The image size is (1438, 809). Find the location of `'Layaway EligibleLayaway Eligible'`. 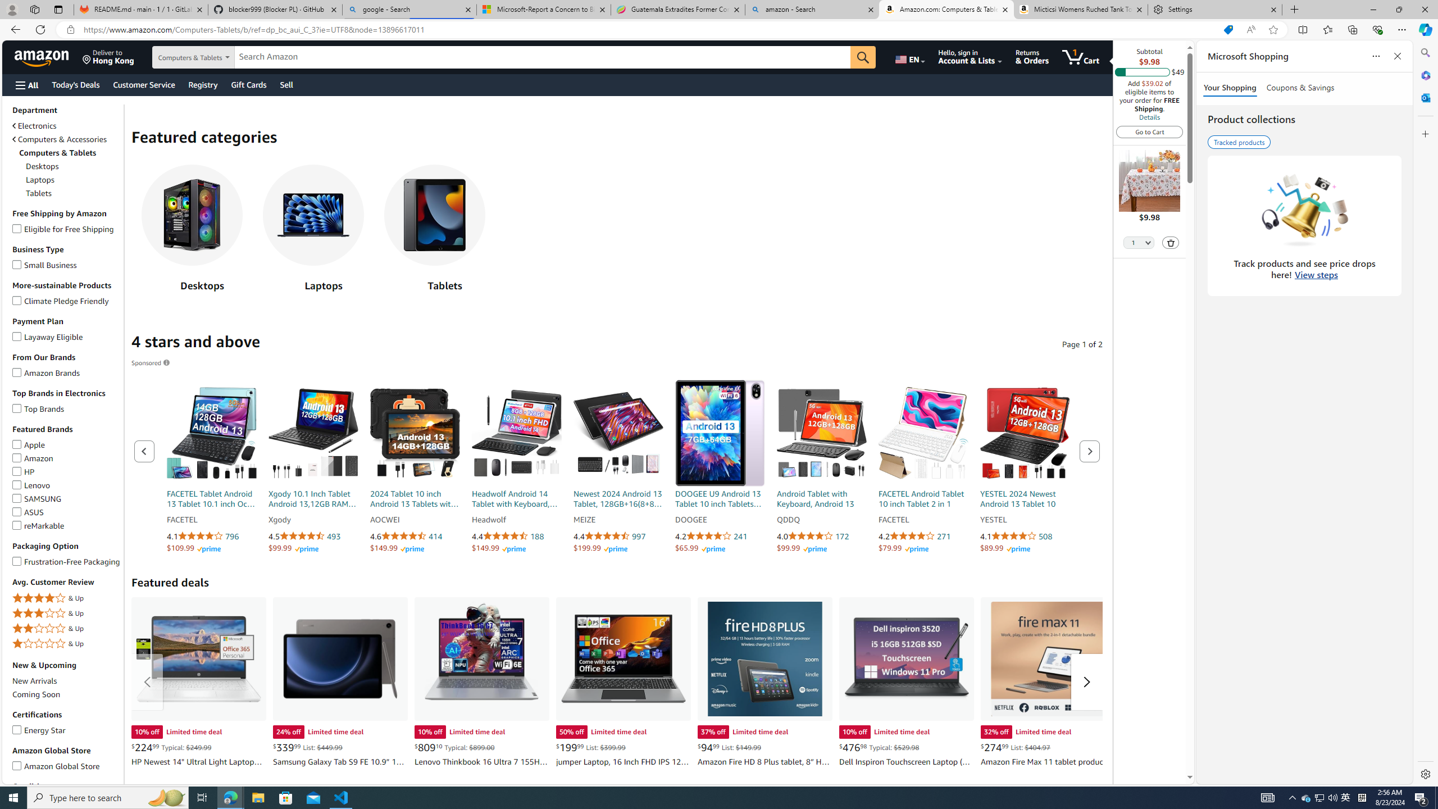

'Layaway EligibleLayaway Eligible' is located at coordinates (66, 337).